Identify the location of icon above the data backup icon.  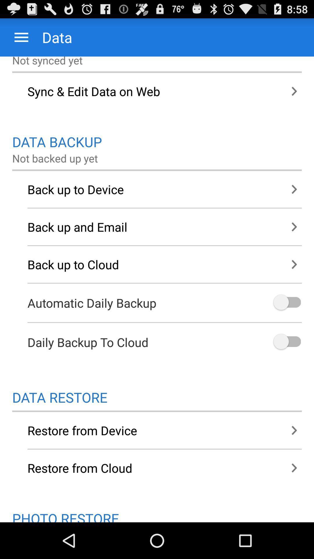
(157, 91).